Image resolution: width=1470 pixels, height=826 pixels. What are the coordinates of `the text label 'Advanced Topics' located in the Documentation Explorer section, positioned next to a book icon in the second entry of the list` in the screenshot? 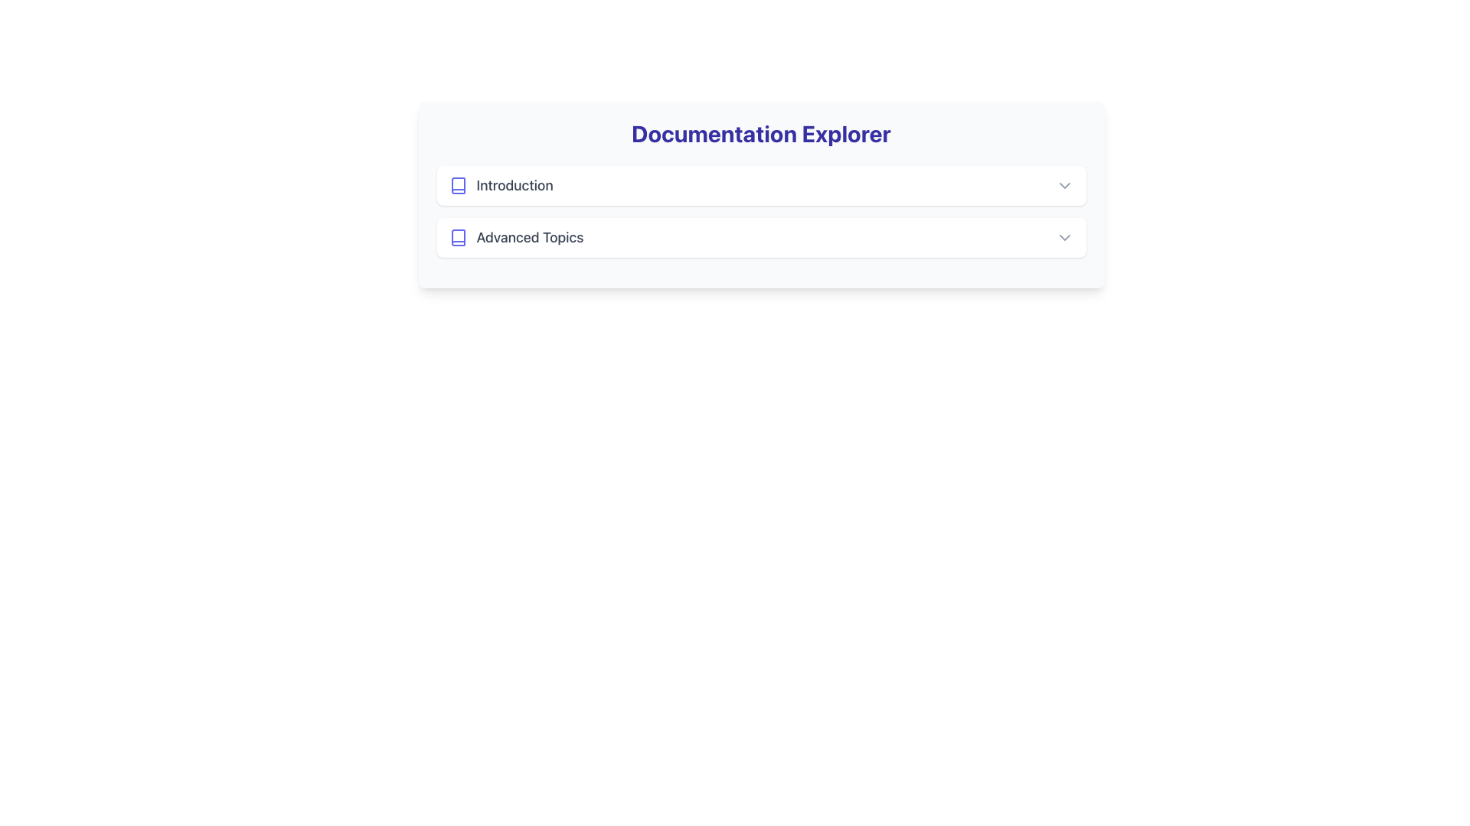 It's located at (516, 238).